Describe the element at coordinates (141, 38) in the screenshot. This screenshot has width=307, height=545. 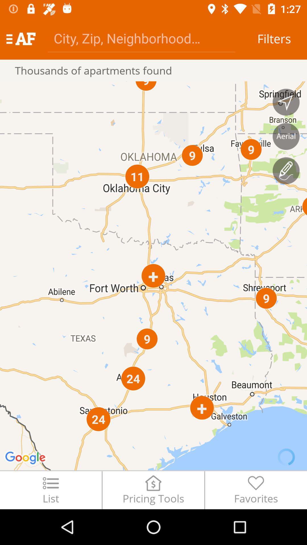
I see `address bar` at that location.